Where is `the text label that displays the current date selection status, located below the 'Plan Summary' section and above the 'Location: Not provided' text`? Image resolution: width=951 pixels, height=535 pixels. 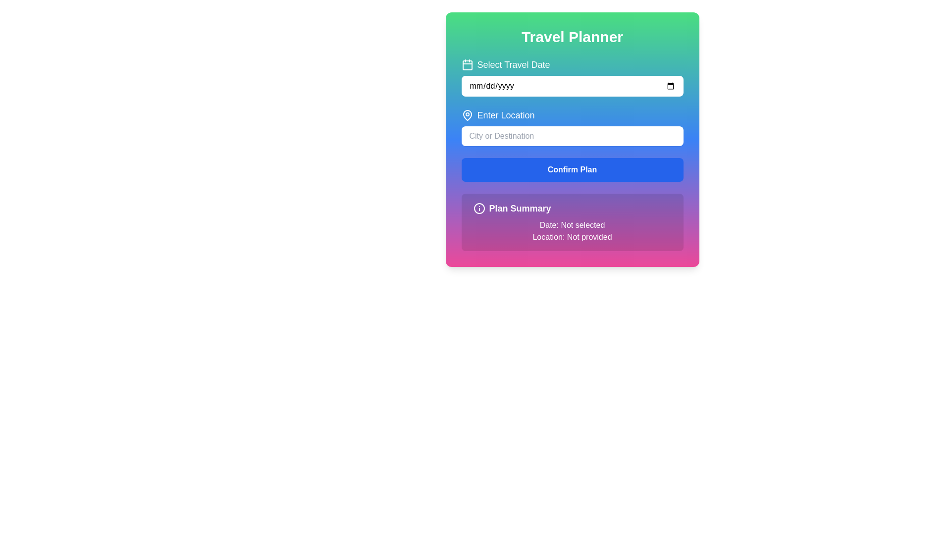
the text label that displays the current date selection status, located below the 'Plan Summary' section and above the 'Location: Not provided' text is located at coordinates (572, 225).